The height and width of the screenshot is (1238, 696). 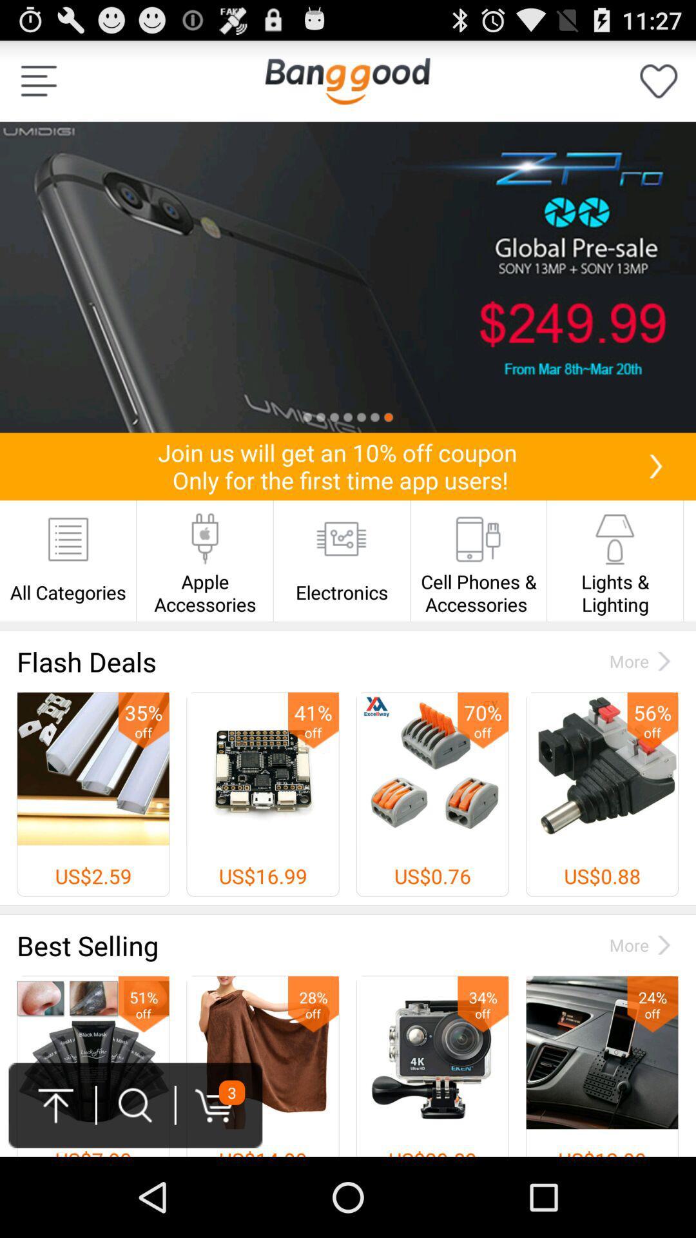 What do you see at coordinates (348, 277) in the screenshot?
I see `click for more information` at bounding box center [348, 277].